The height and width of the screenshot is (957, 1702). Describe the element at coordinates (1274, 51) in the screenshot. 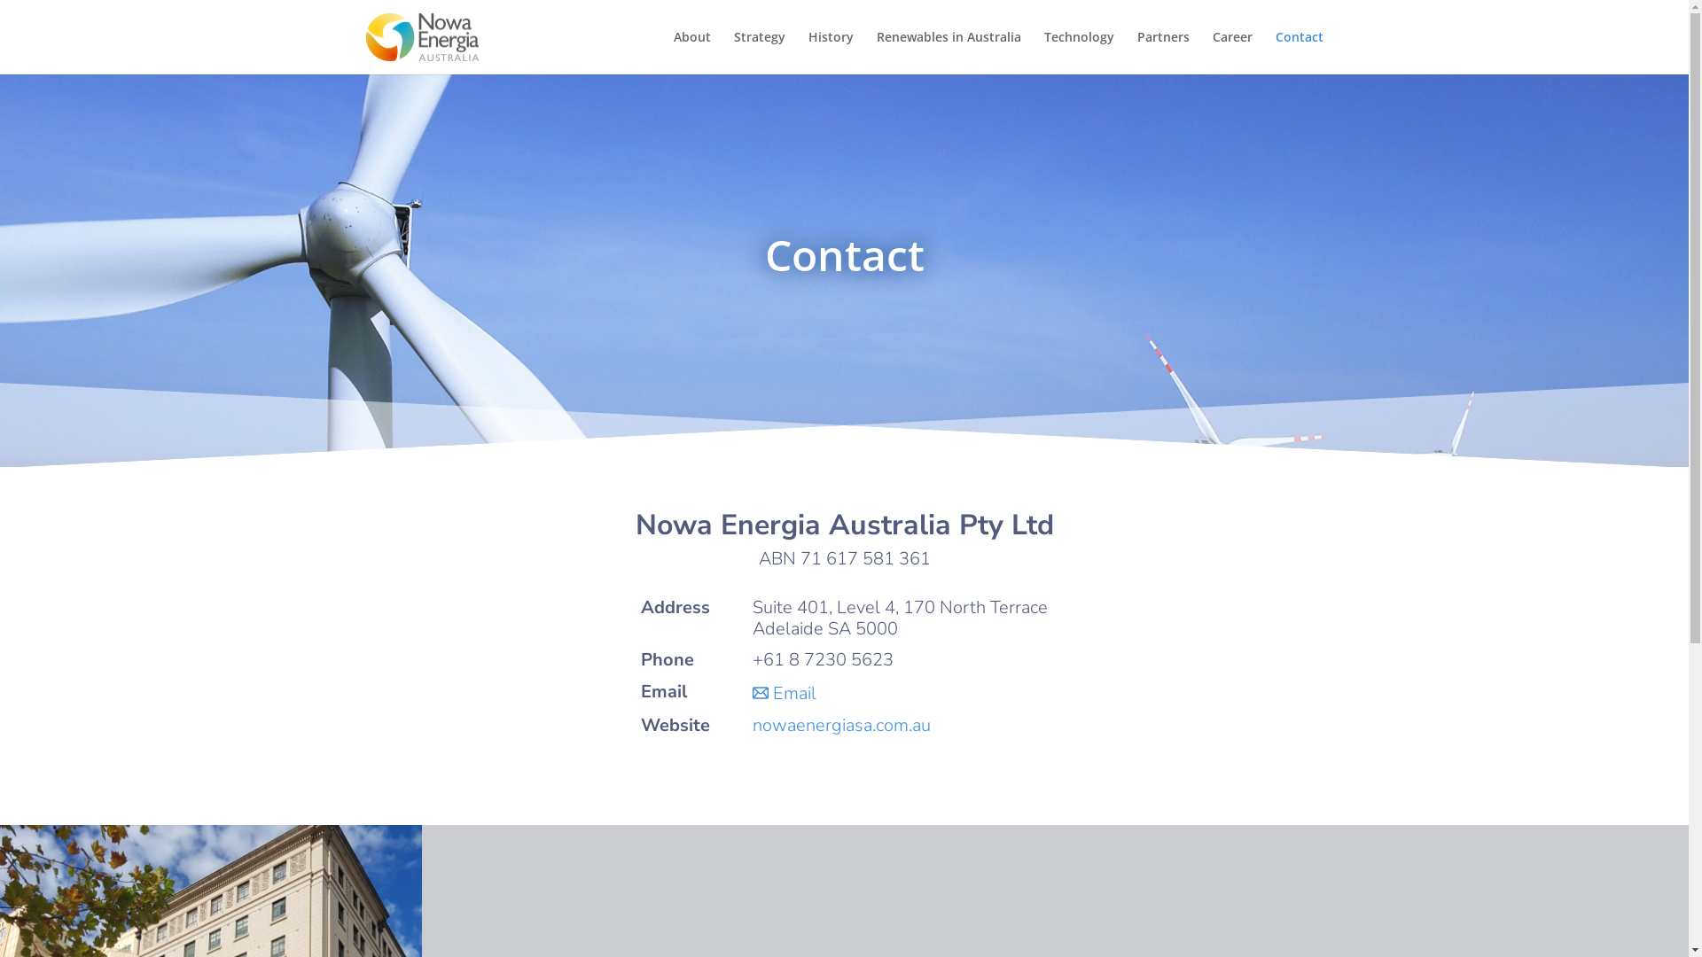

I see `'Contact'` at that location.